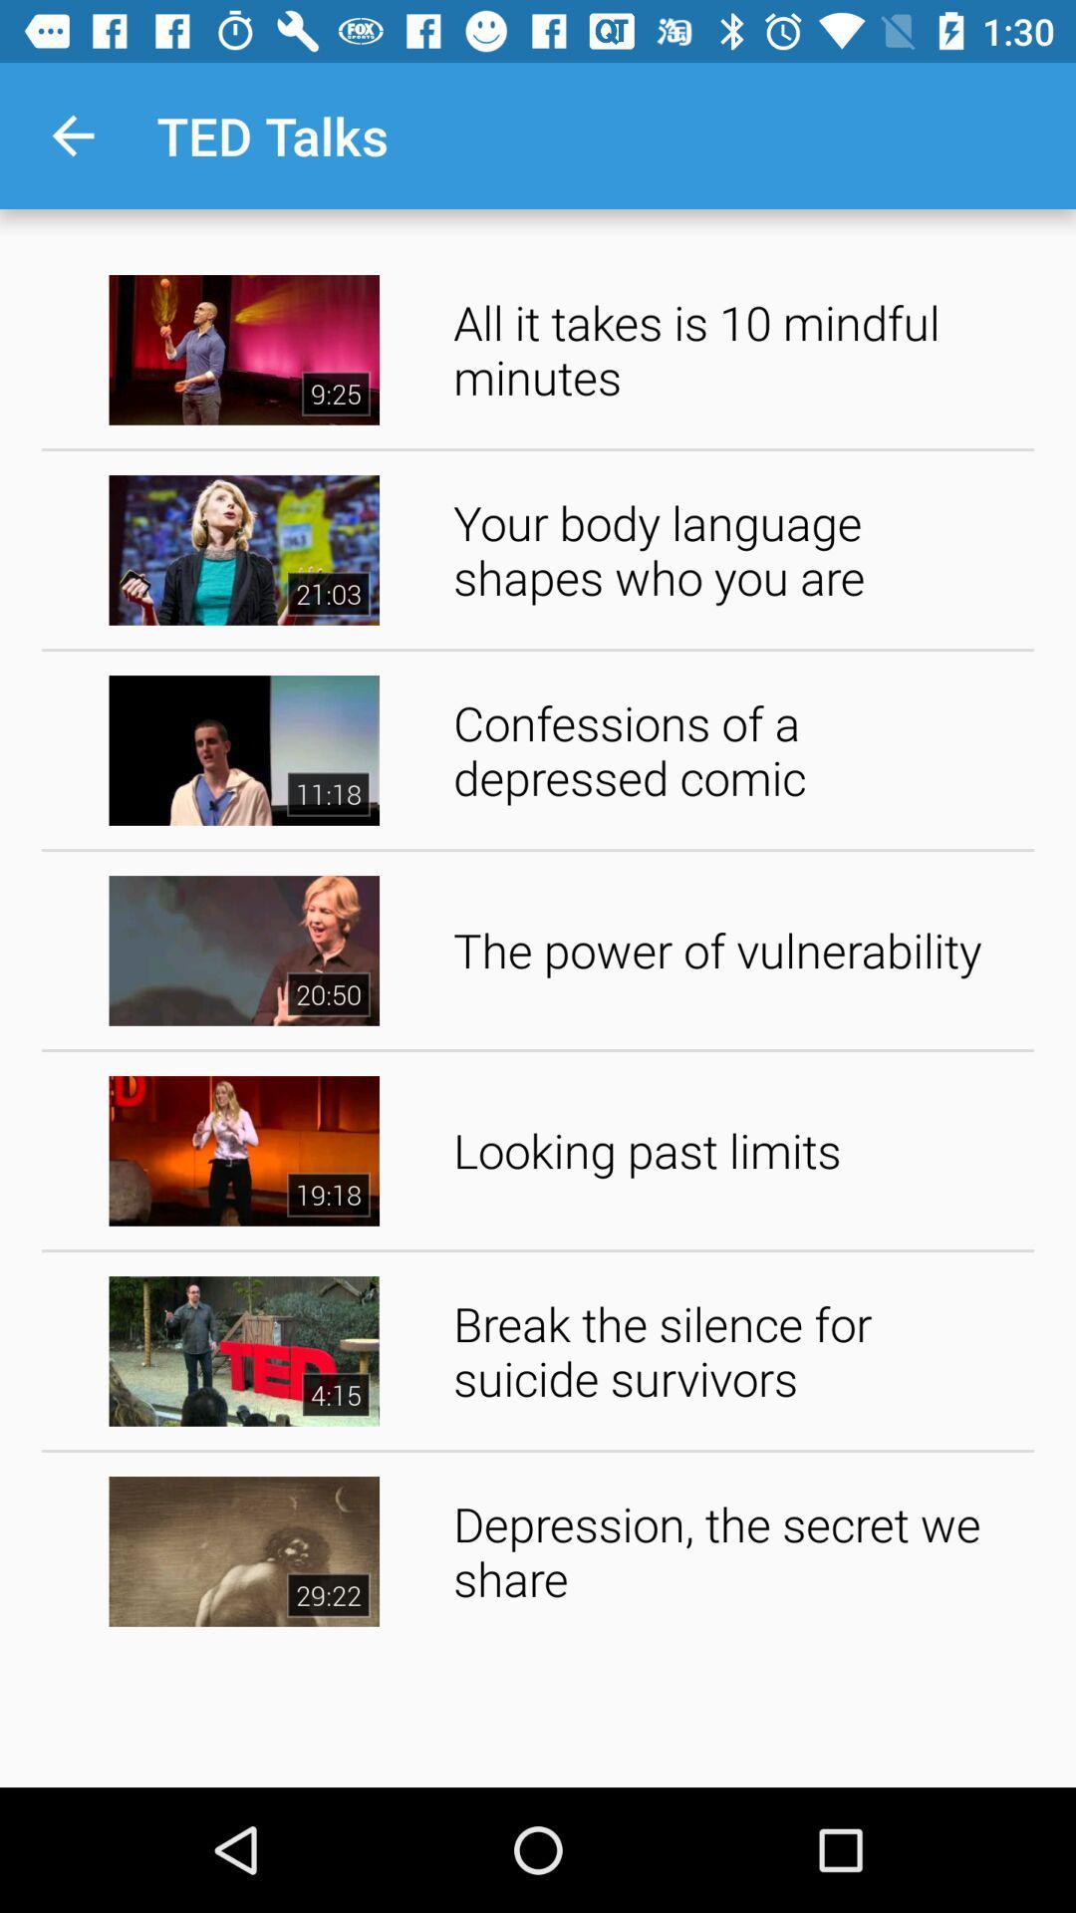 The width and height of the screenshot is (1076, 1913). What do you see at coordinates (736, 1151) in the screenshot?
I see `app below the power of app` at bounding box center [736, 1151].